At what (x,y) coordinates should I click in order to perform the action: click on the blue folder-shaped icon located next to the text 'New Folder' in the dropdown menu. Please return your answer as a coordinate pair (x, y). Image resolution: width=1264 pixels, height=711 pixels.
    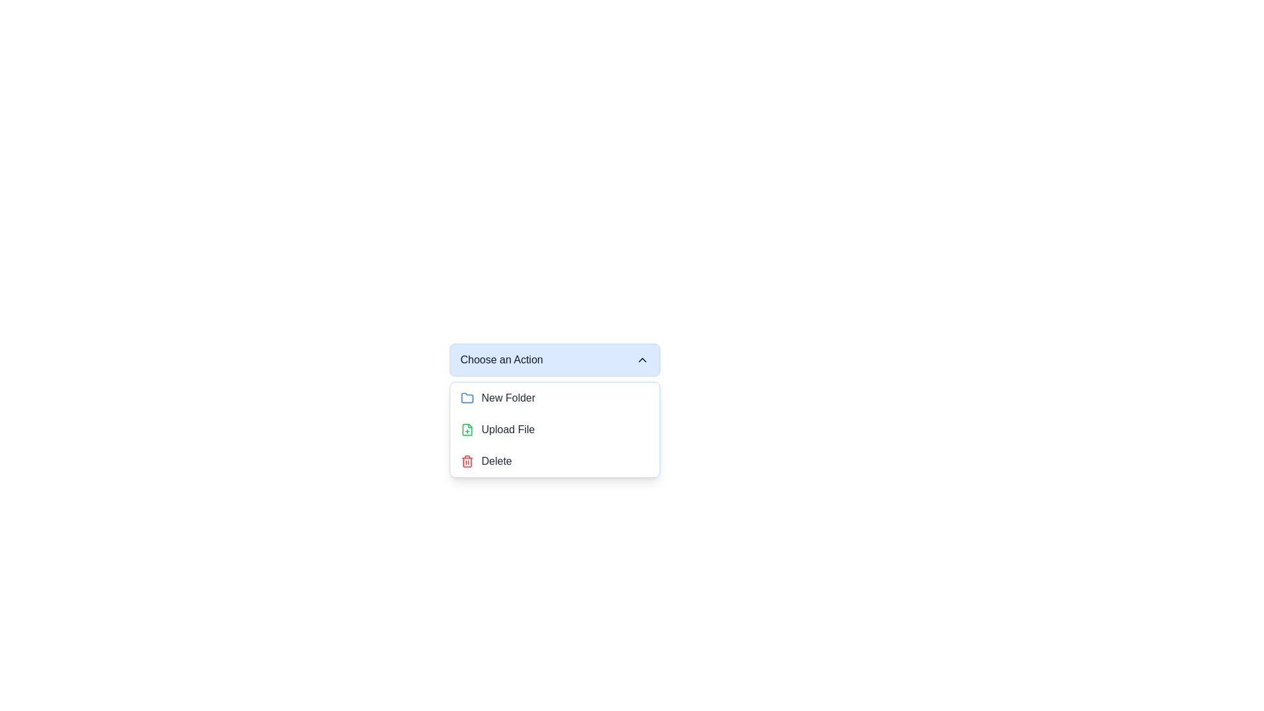
    Looking at the image, I should click on (467, 398).